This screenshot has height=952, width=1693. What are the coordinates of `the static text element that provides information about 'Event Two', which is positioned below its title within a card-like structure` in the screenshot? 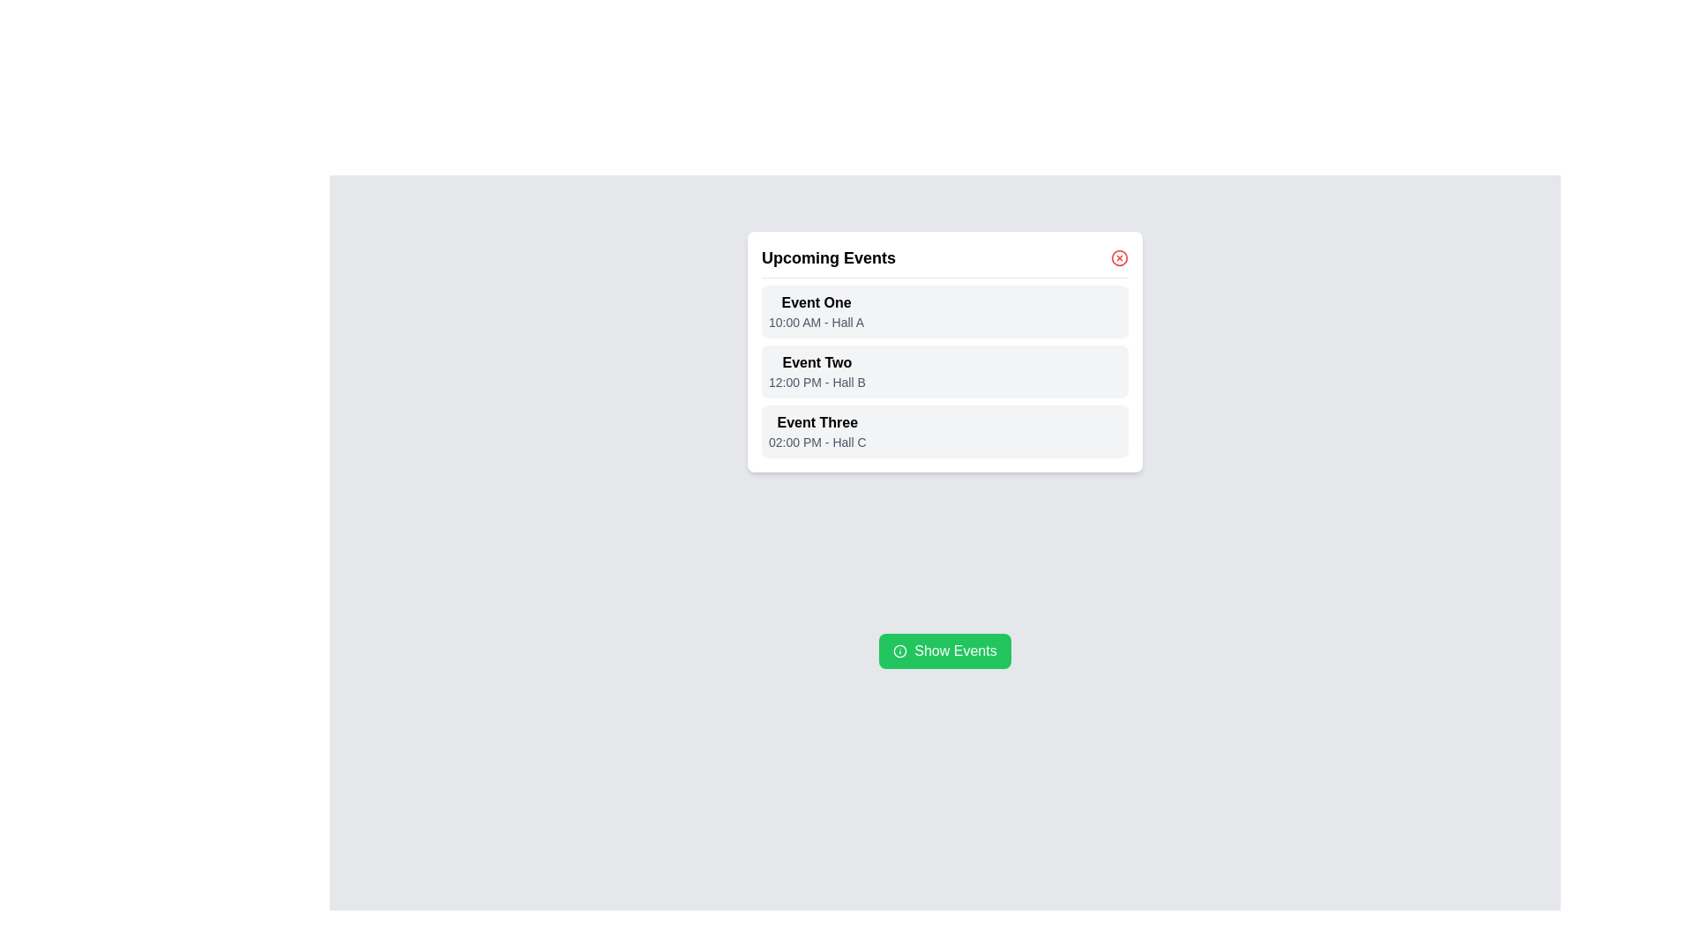 It's located at (816, 382).